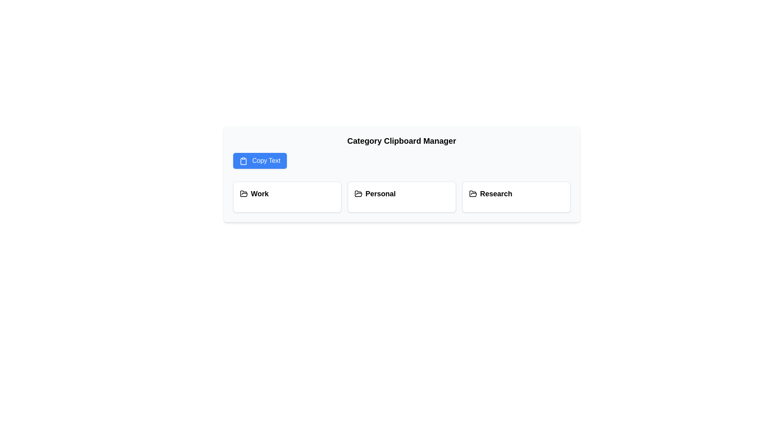  I want to click on the copy action button located at the top-left of its section, so click(260, 161).